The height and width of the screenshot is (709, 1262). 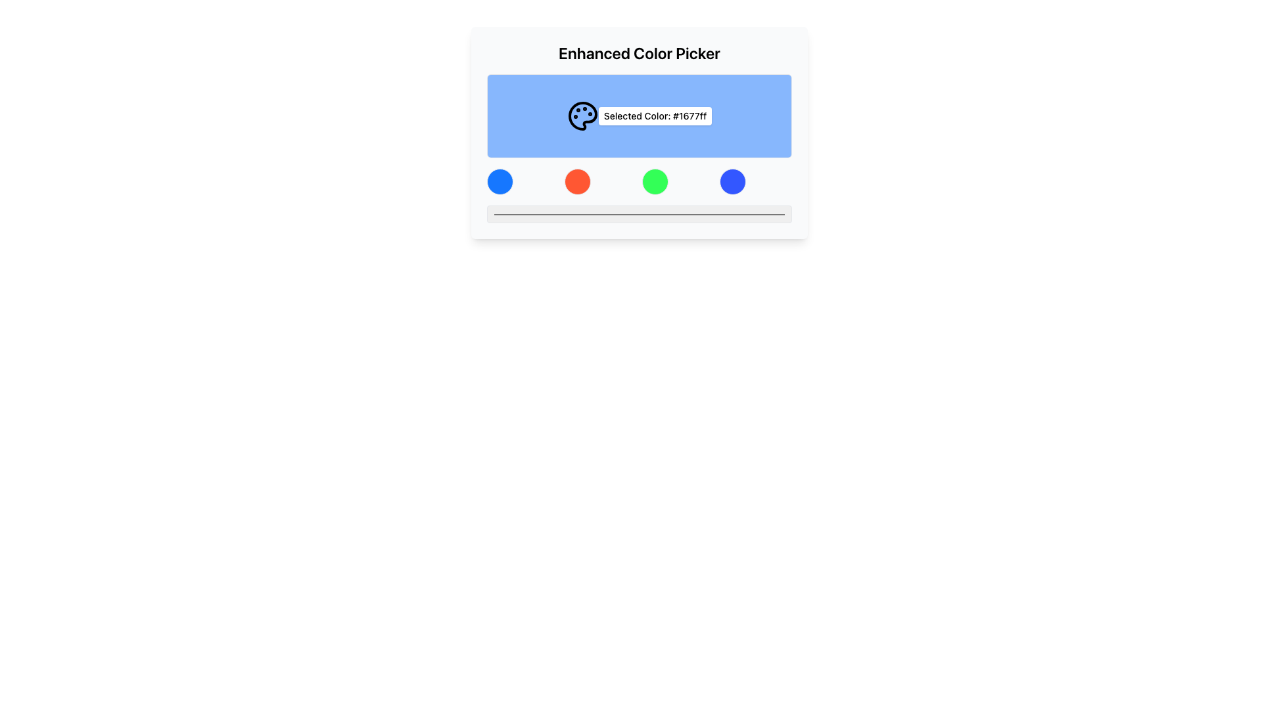 What do you see at coordinates (752, 213) in the screenshot?
I see `the slider` at bounding box center [752, 213].